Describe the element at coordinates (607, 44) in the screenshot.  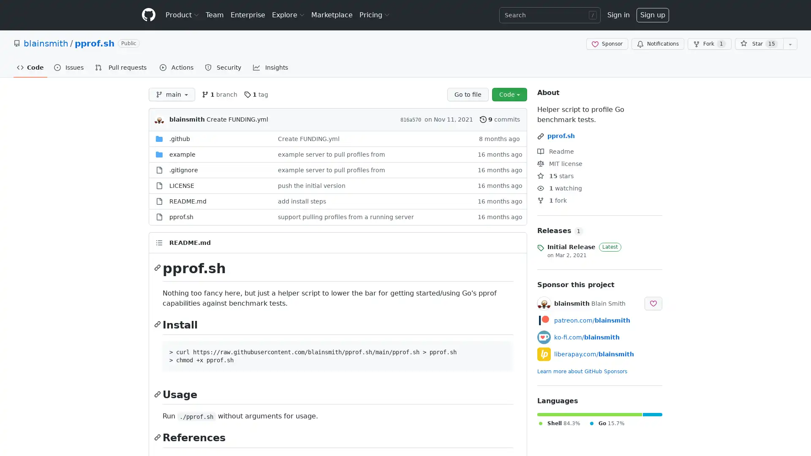
I see `Sponsor` at that location.